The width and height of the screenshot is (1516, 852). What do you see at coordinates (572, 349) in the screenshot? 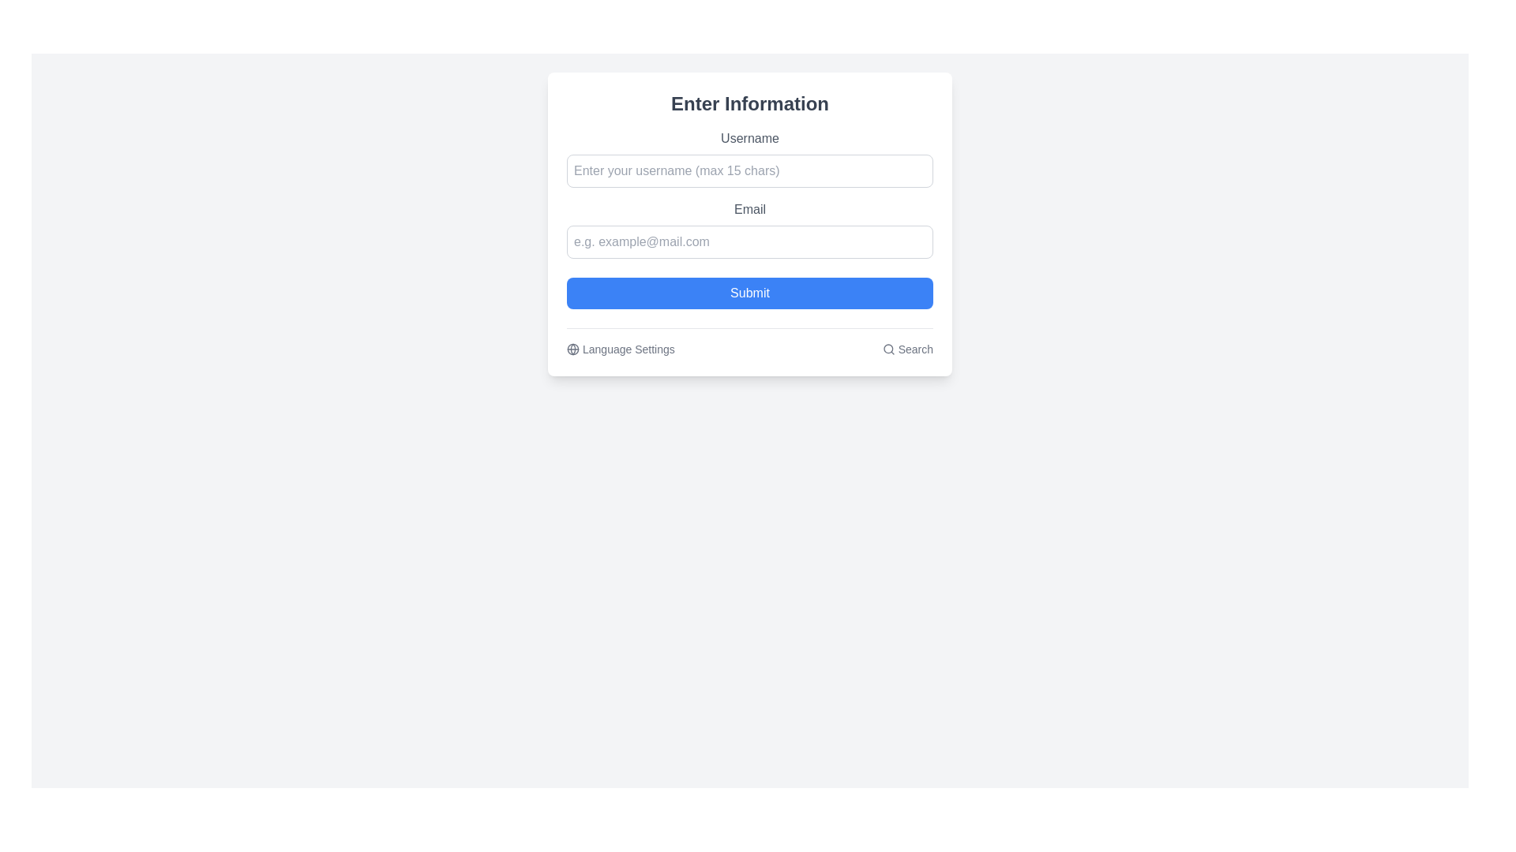
I see `the curved line component of the globe icon located at the bottom left corner of the 'Enter Information' form card` at bounding box center [572, 349].